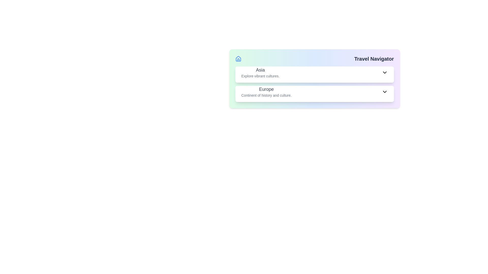 The width and height of the screenshot is (488, 274). I want to click on the decorative house icon located in the top left corner of the Travel Navigator card, which features a blue outline and is styled with a triangular roof and rectangular base, so click(238, 58).